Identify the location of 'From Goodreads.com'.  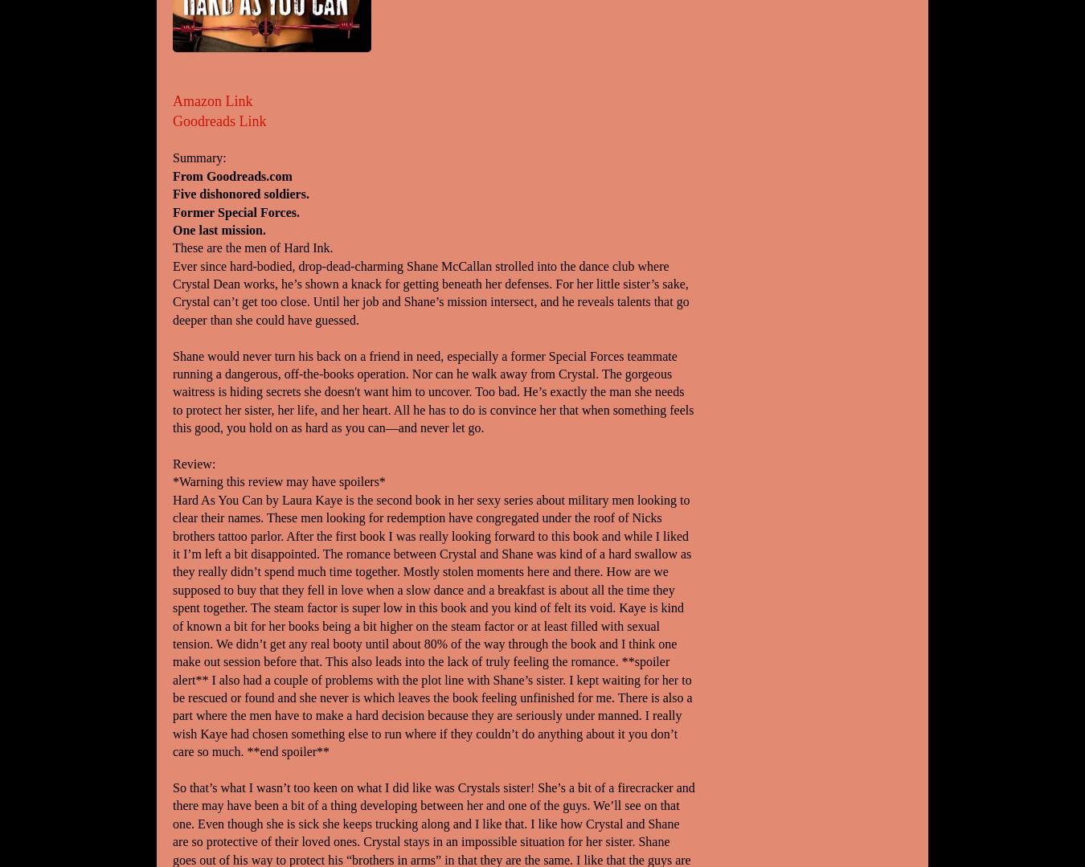
(173, 174).